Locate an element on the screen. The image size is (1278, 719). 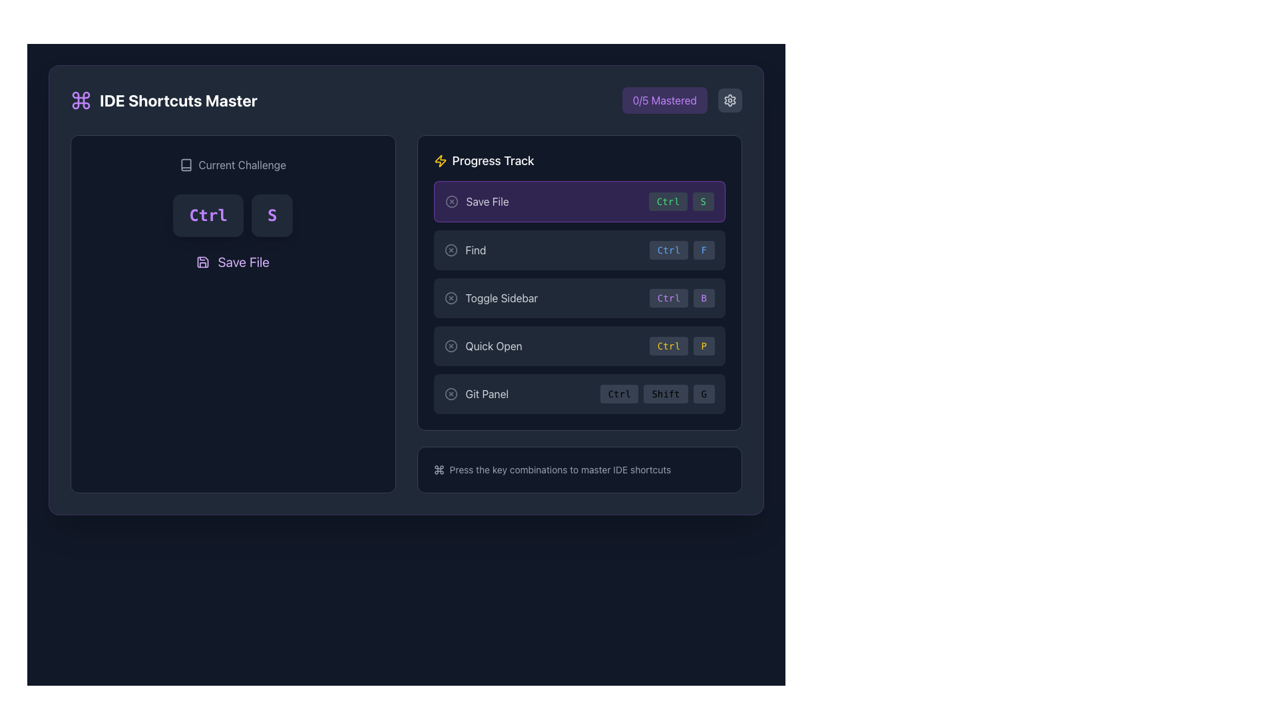
the circular close icon with a gray outline and close (X) symbol located to the left of the word 'Find' in the 'Progress Track' section is located at coordinates (451, 250).